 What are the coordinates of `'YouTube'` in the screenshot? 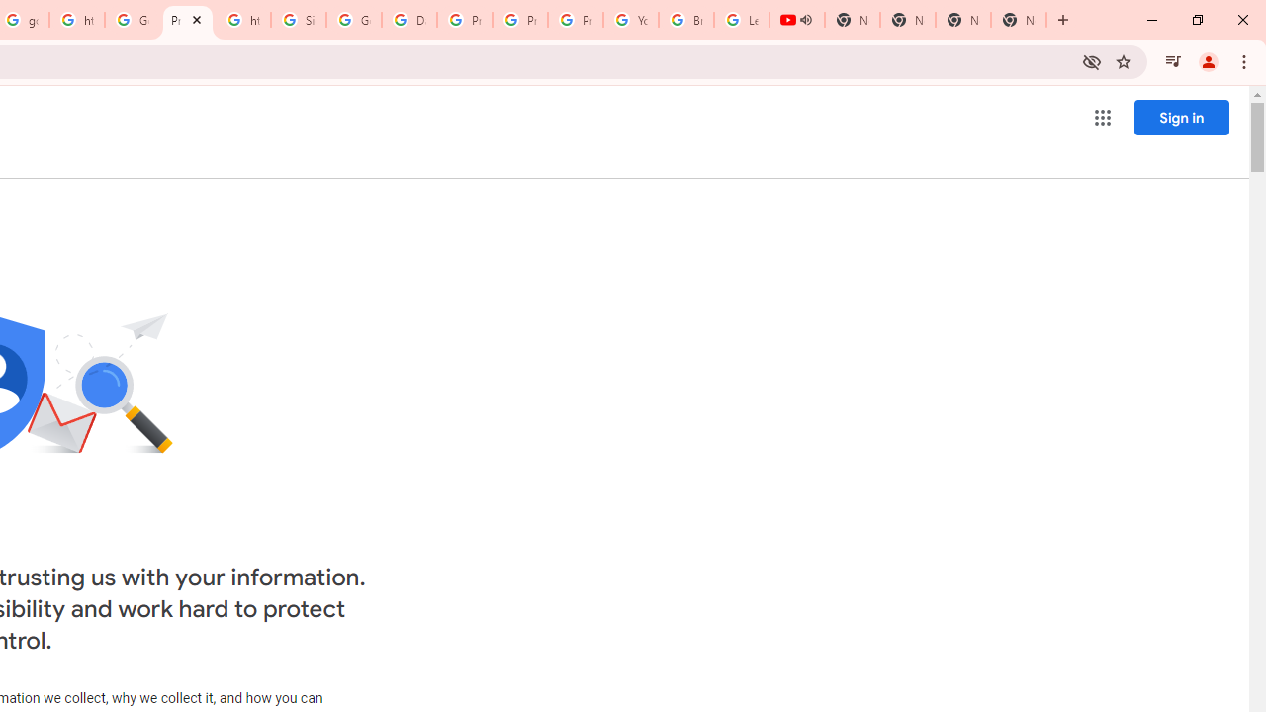 It's located at (630, 20).